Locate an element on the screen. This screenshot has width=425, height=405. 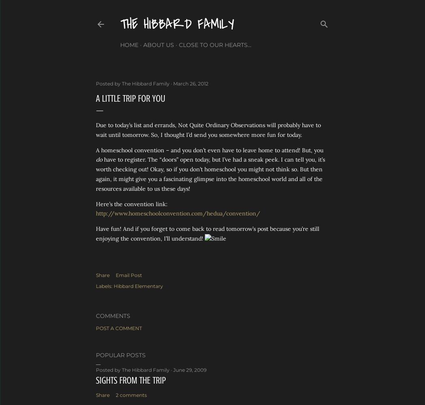
'Sights from the Trip' is located at coordinates (131, 380).